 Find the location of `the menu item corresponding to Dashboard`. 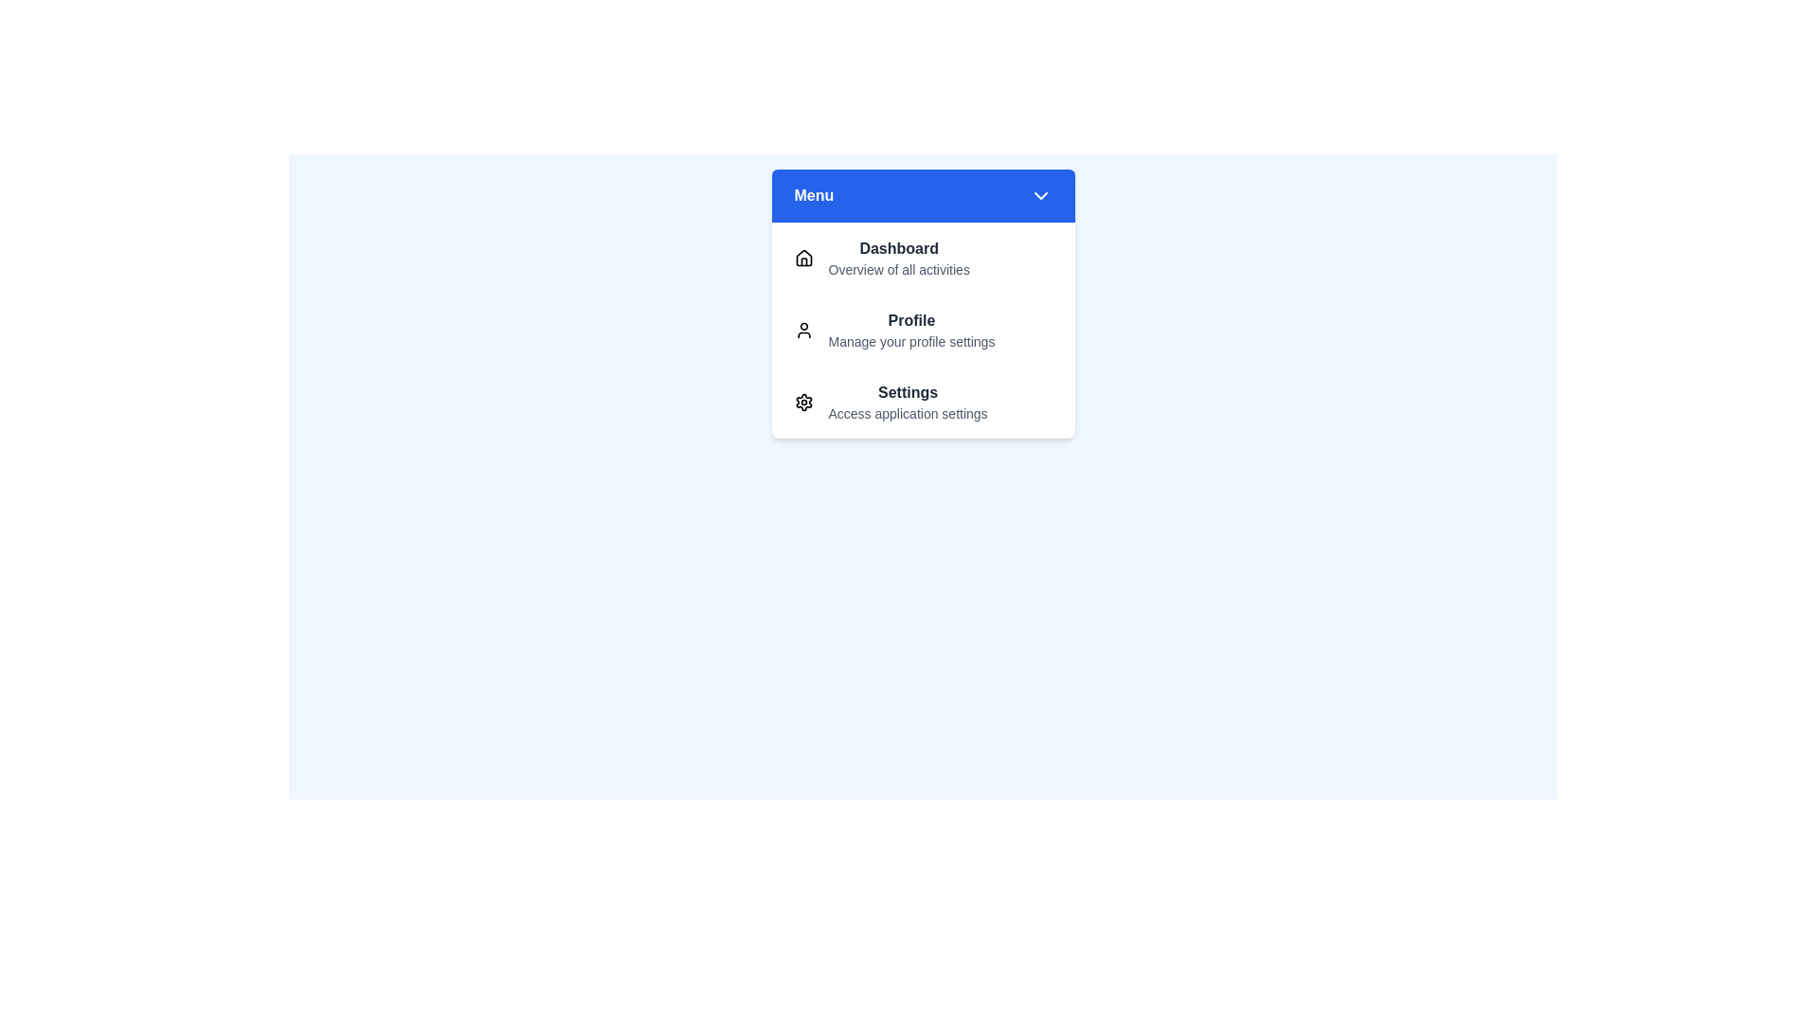

the menu item corresponding to Dashboard is located at coordinates (923, 259).